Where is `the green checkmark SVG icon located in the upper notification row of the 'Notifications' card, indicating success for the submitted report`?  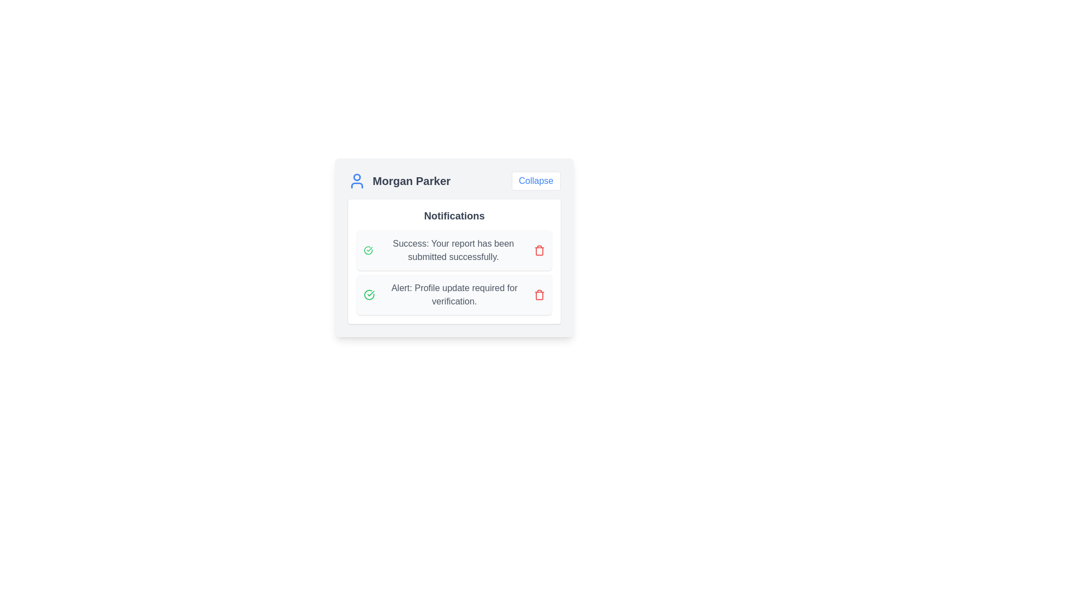 the green checkmark SVG icon located in the upper notification row of the 'Notifications' card, indicating success for the submitted report is located at coordinates (368, 251).